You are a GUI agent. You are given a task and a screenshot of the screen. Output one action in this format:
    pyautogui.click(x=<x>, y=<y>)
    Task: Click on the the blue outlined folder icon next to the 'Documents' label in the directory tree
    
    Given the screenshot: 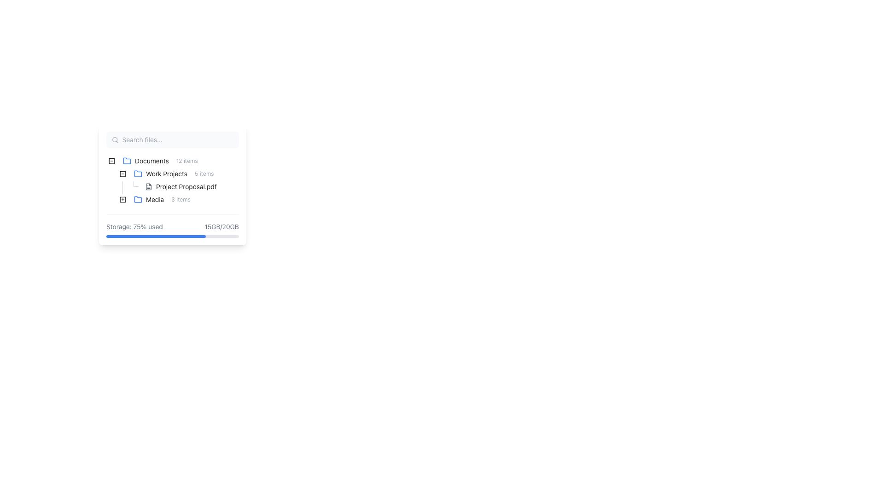 What is the action you would take?
    pyautogui.click(x=126, y=160)
    